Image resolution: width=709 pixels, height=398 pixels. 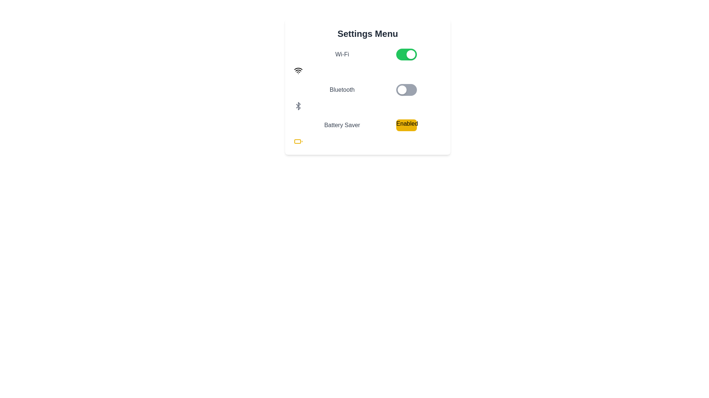 I want to click on the Bluetooth icon, which is an outlined gray symbol adjacent to the 'Bluetooth' text in the settings menu layout, so click(x=298, y=106).